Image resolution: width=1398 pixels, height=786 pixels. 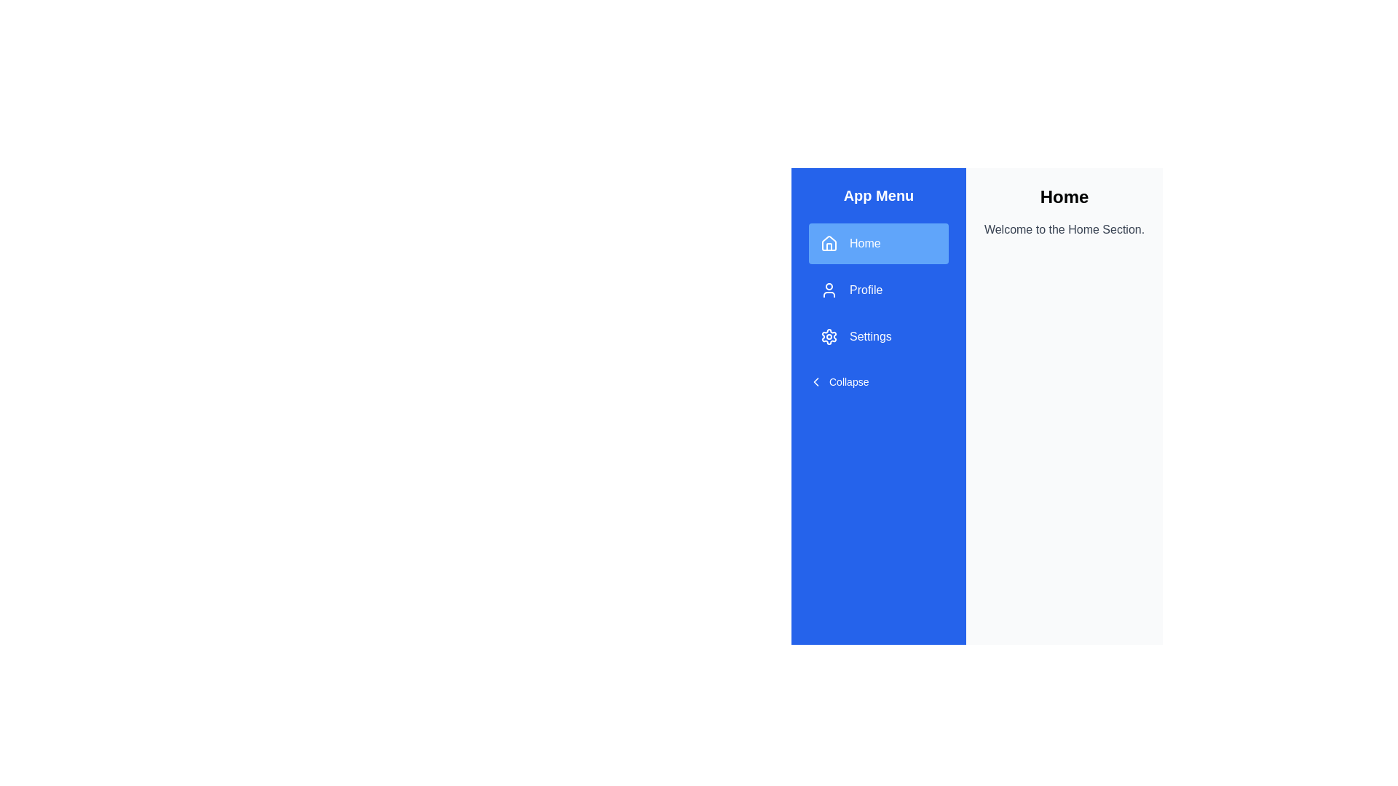 I want to click on the 'Collapse' button to close the drawer, so click(x=839, y=381).